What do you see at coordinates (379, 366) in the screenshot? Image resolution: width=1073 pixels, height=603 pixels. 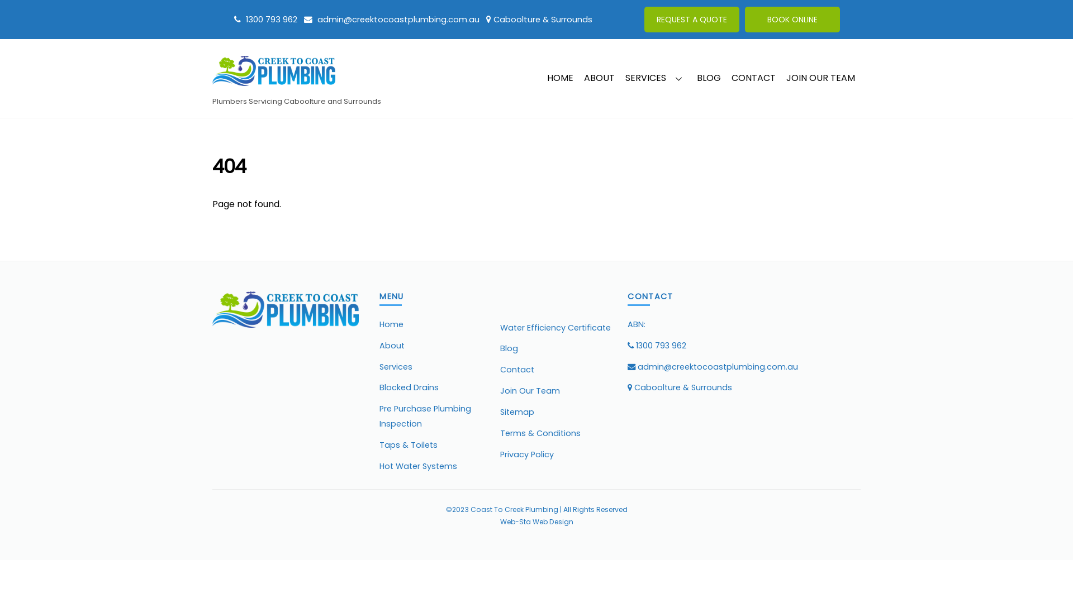 I see `'Services'` at bounding box center [379, 366].